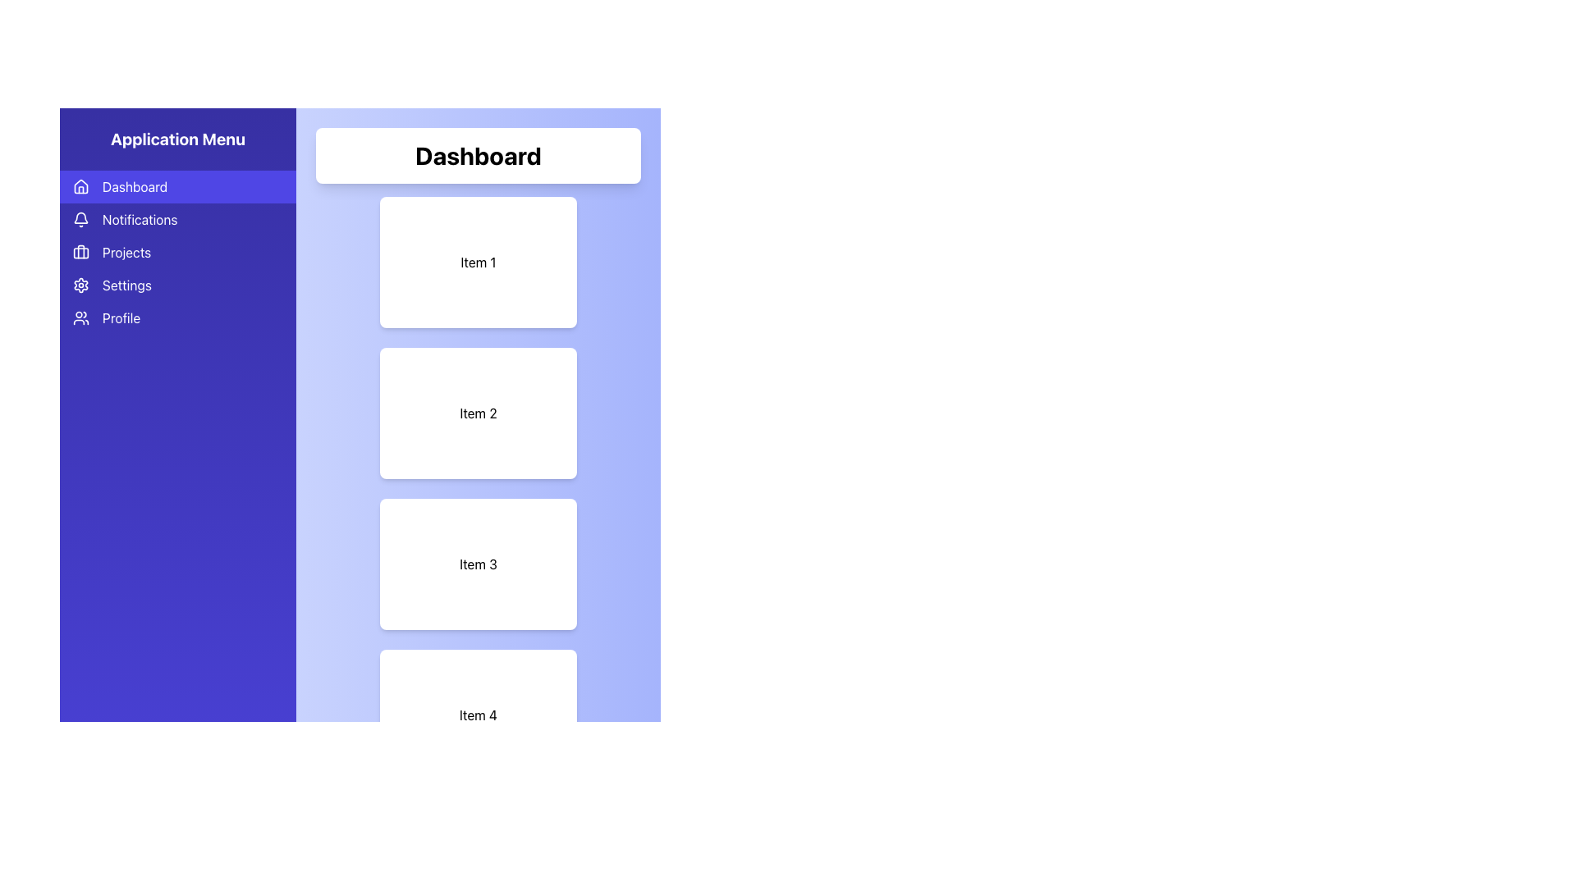 Image resolution: width=1576 pixels, height=886 pixels. Describe the element at coordinates (80, 217) in the screenshot. I see `the bell icon in the Notifications section of the vertical navigation menu on the left side of the application interface` at that location.